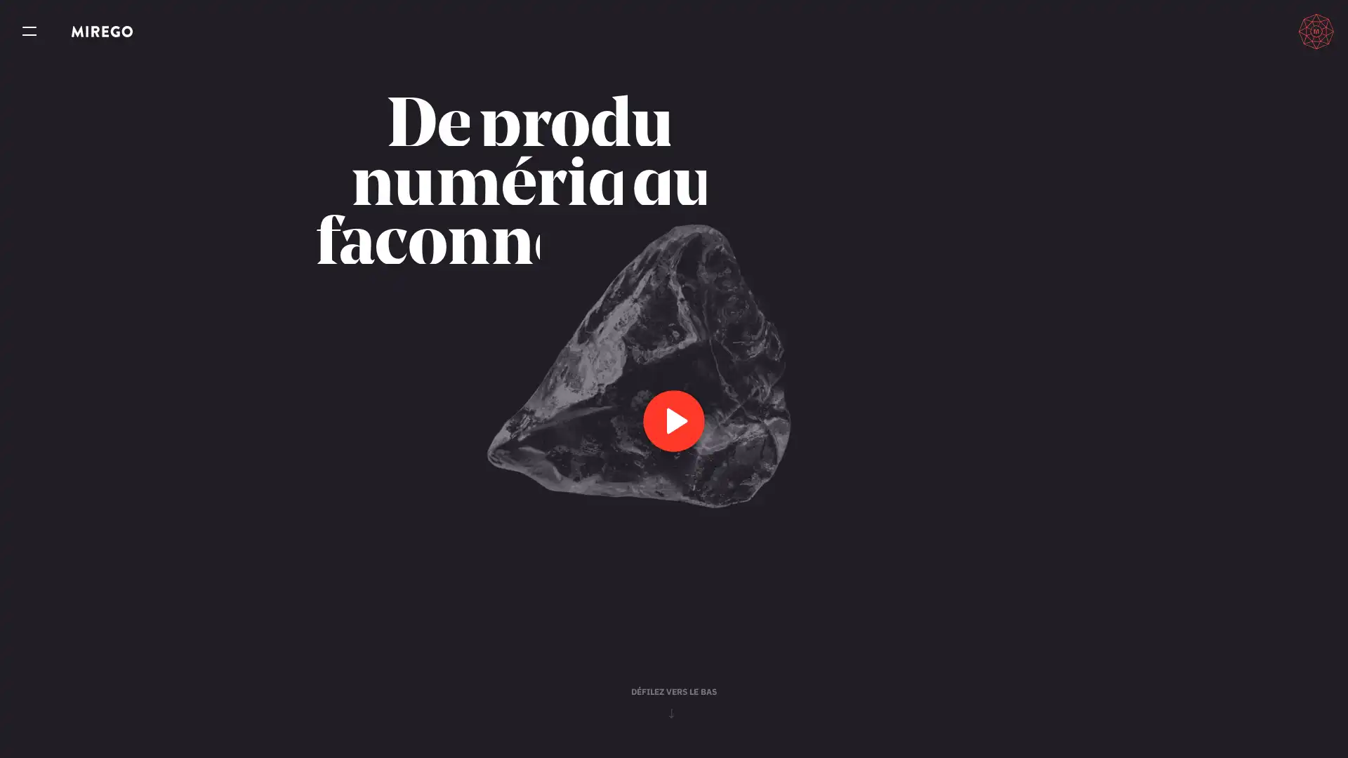 The image size is (1348, 758). I want to click on Switch to English version, so click(1253, 31).